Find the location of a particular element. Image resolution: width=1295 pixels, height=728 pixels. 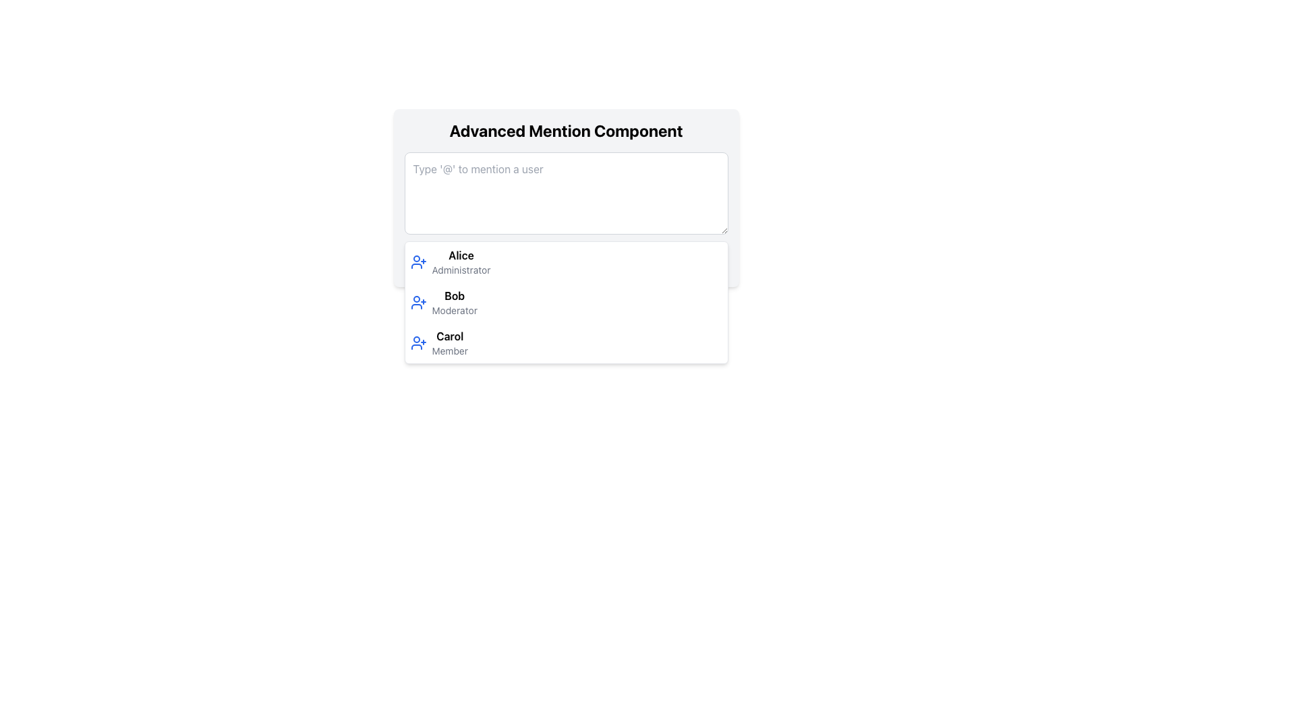

the dropdown UI component containing the bold text 'Bob', positioned second among user entries, with the subtitle 'Moderator' is located at coordinates (455, 295).